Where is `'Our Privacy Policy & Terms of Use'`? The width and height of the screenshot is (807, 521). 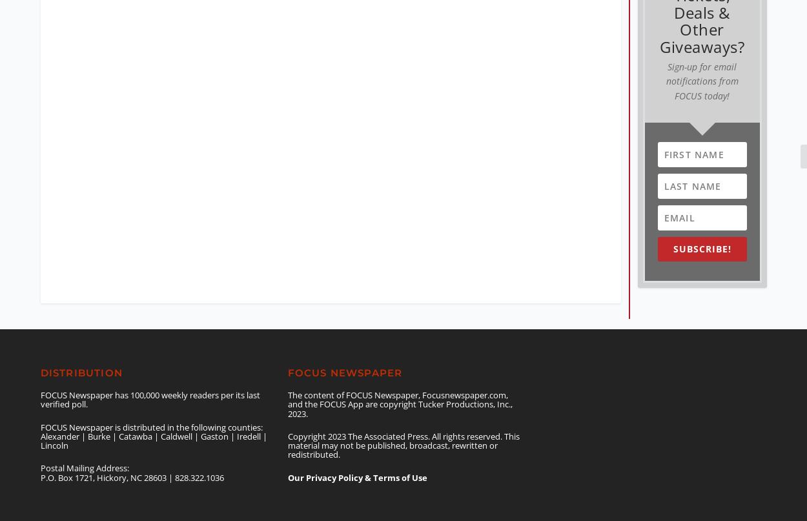
'Our Privacy Policy & Terms of Use' is located at coordinates (357, 466).